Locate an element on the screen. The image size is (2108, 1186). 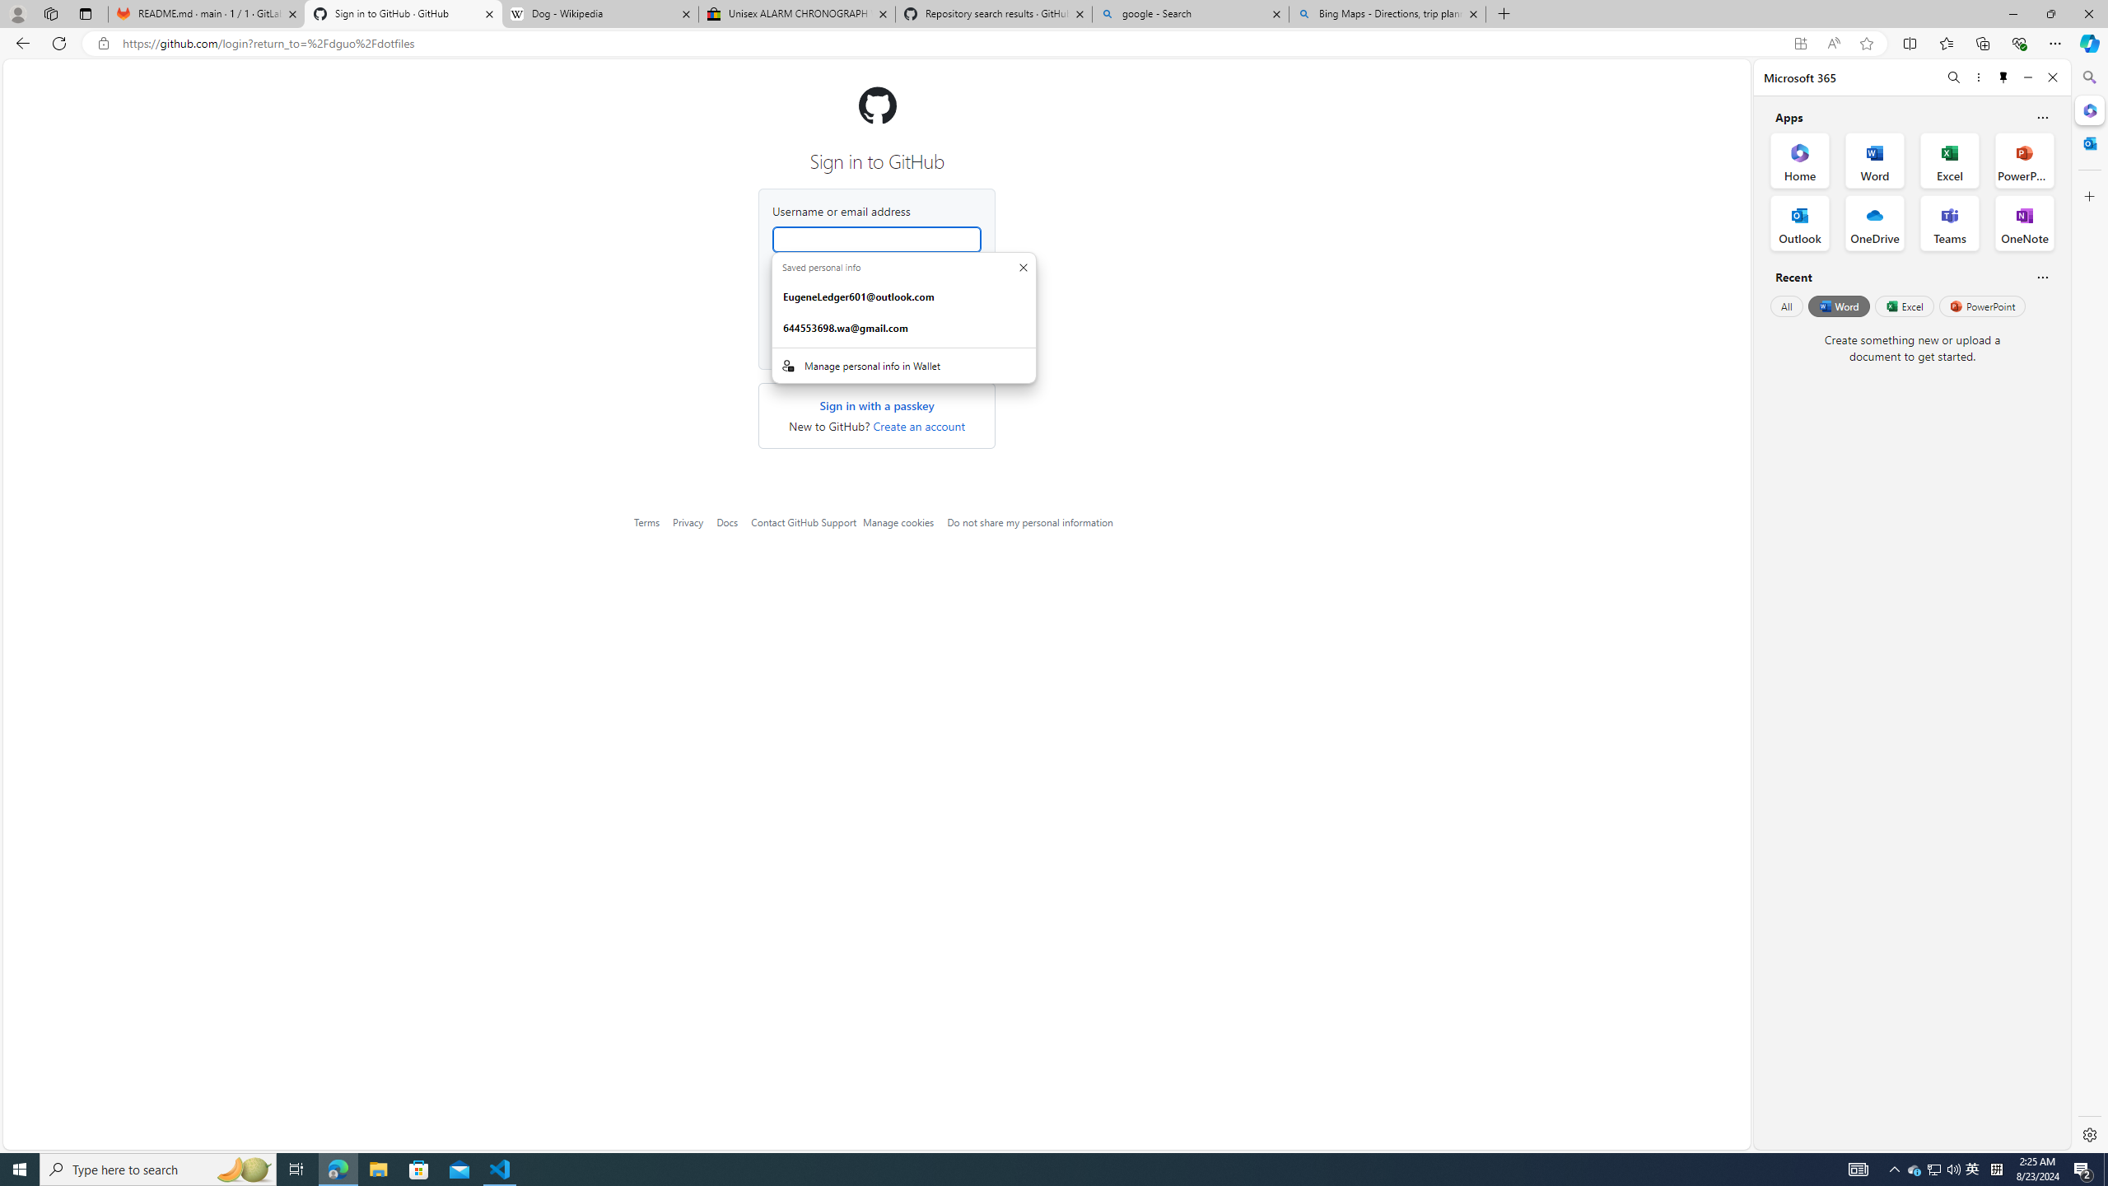
'PowerPoint' is located at coordinates (1981, 306).